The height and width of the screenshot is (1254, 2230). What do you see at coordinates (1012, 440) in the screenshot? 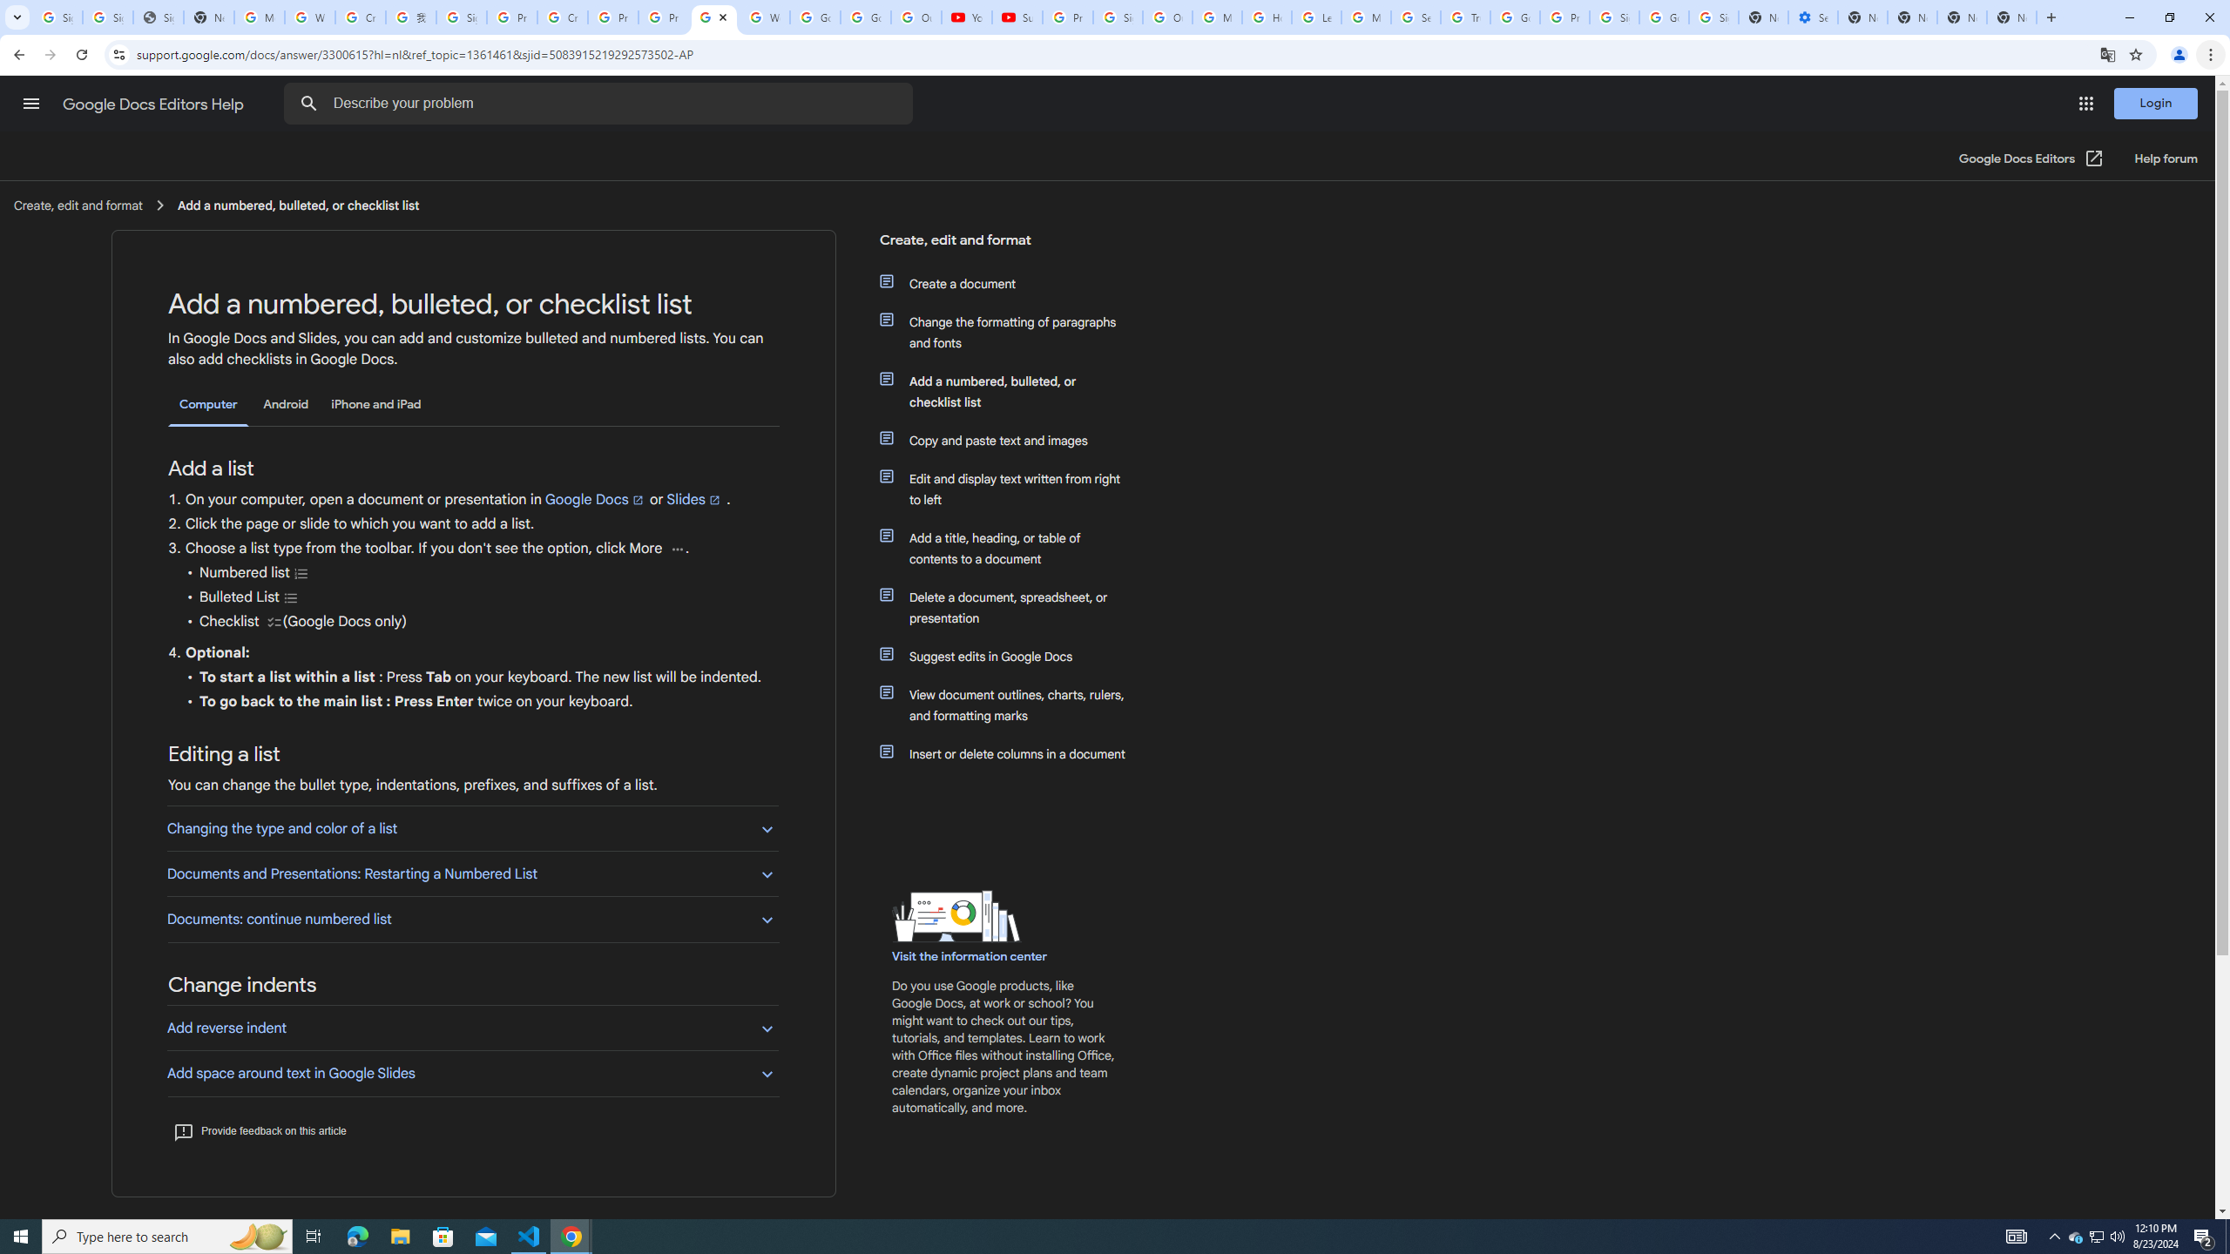
I see `'Copy and paste text and images'` at bounding box center [1012, 440].